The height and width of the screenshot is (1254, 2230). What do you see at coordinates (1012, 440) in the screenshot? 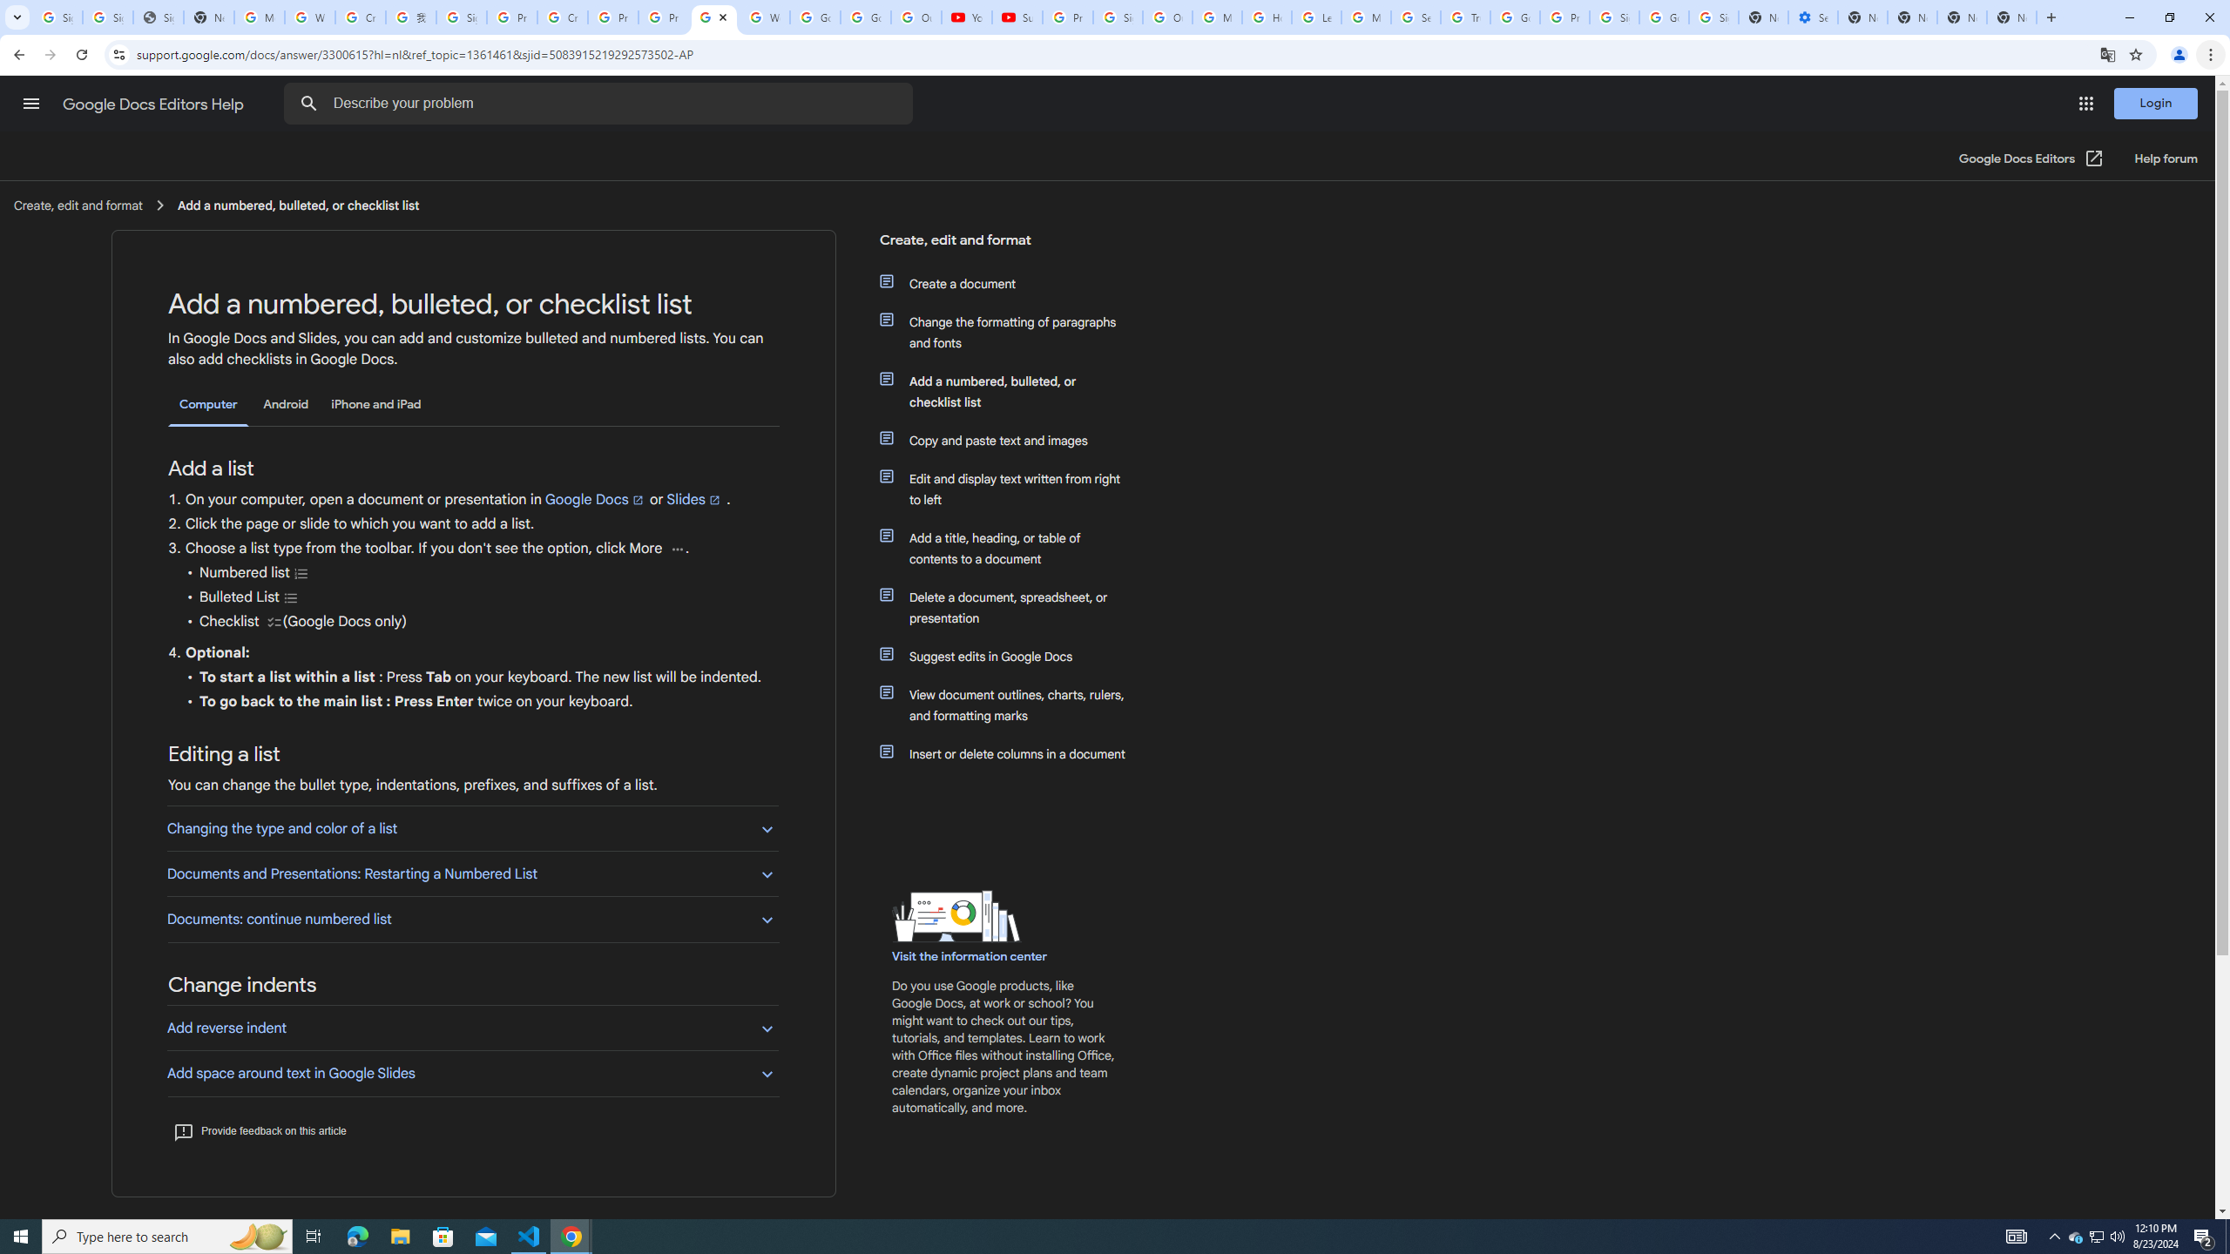
I see `'Copy and paste text and images'` at bounding box center [1012, 440].